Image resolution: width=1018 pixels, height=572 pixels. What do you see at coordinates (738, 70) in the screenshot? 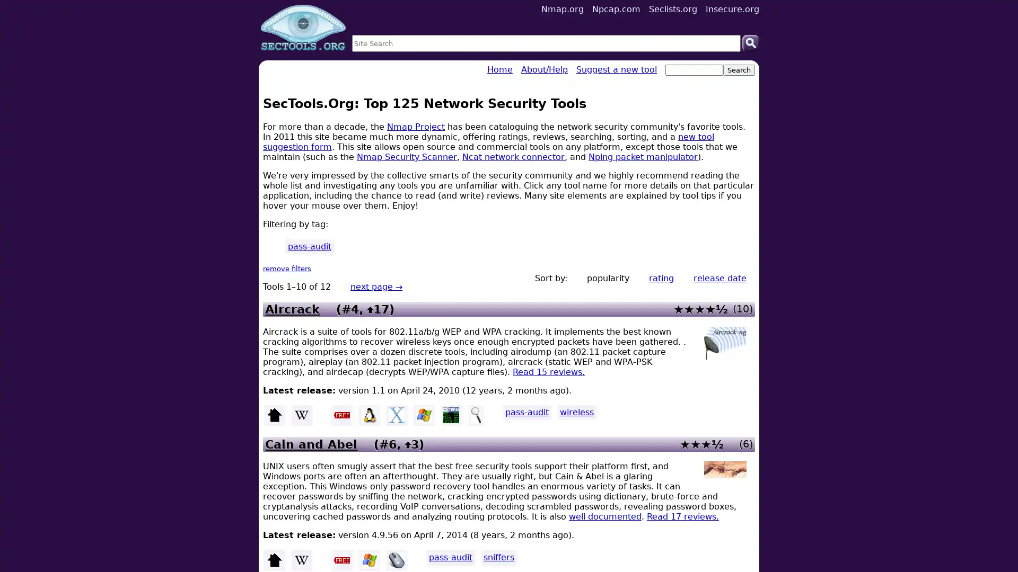
I see `Search` at bounding box center [738, 70].